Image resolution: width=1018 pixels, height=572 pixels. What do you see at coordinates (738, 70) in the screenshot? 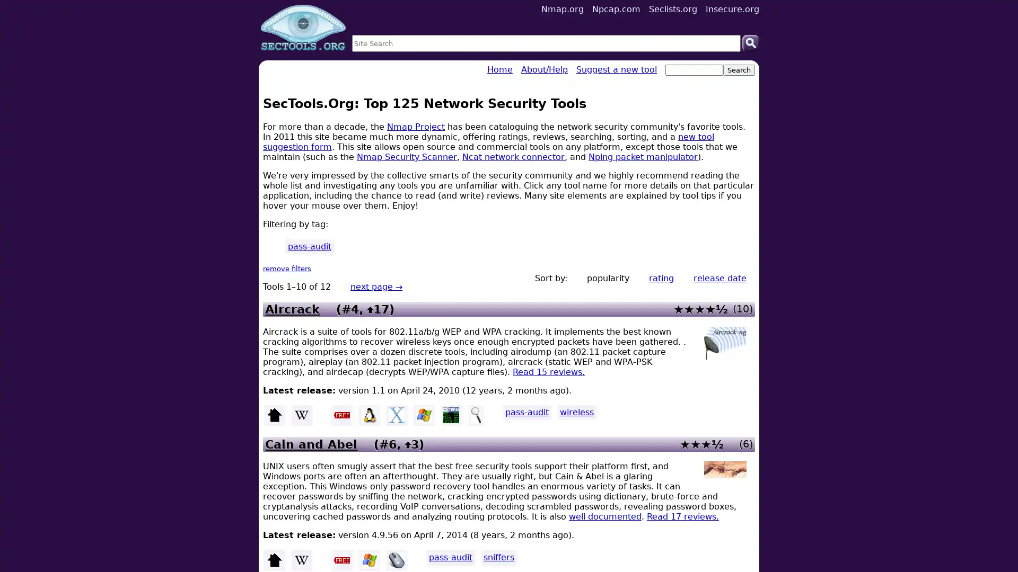
I see `Search` at bounding box center [738, 70].